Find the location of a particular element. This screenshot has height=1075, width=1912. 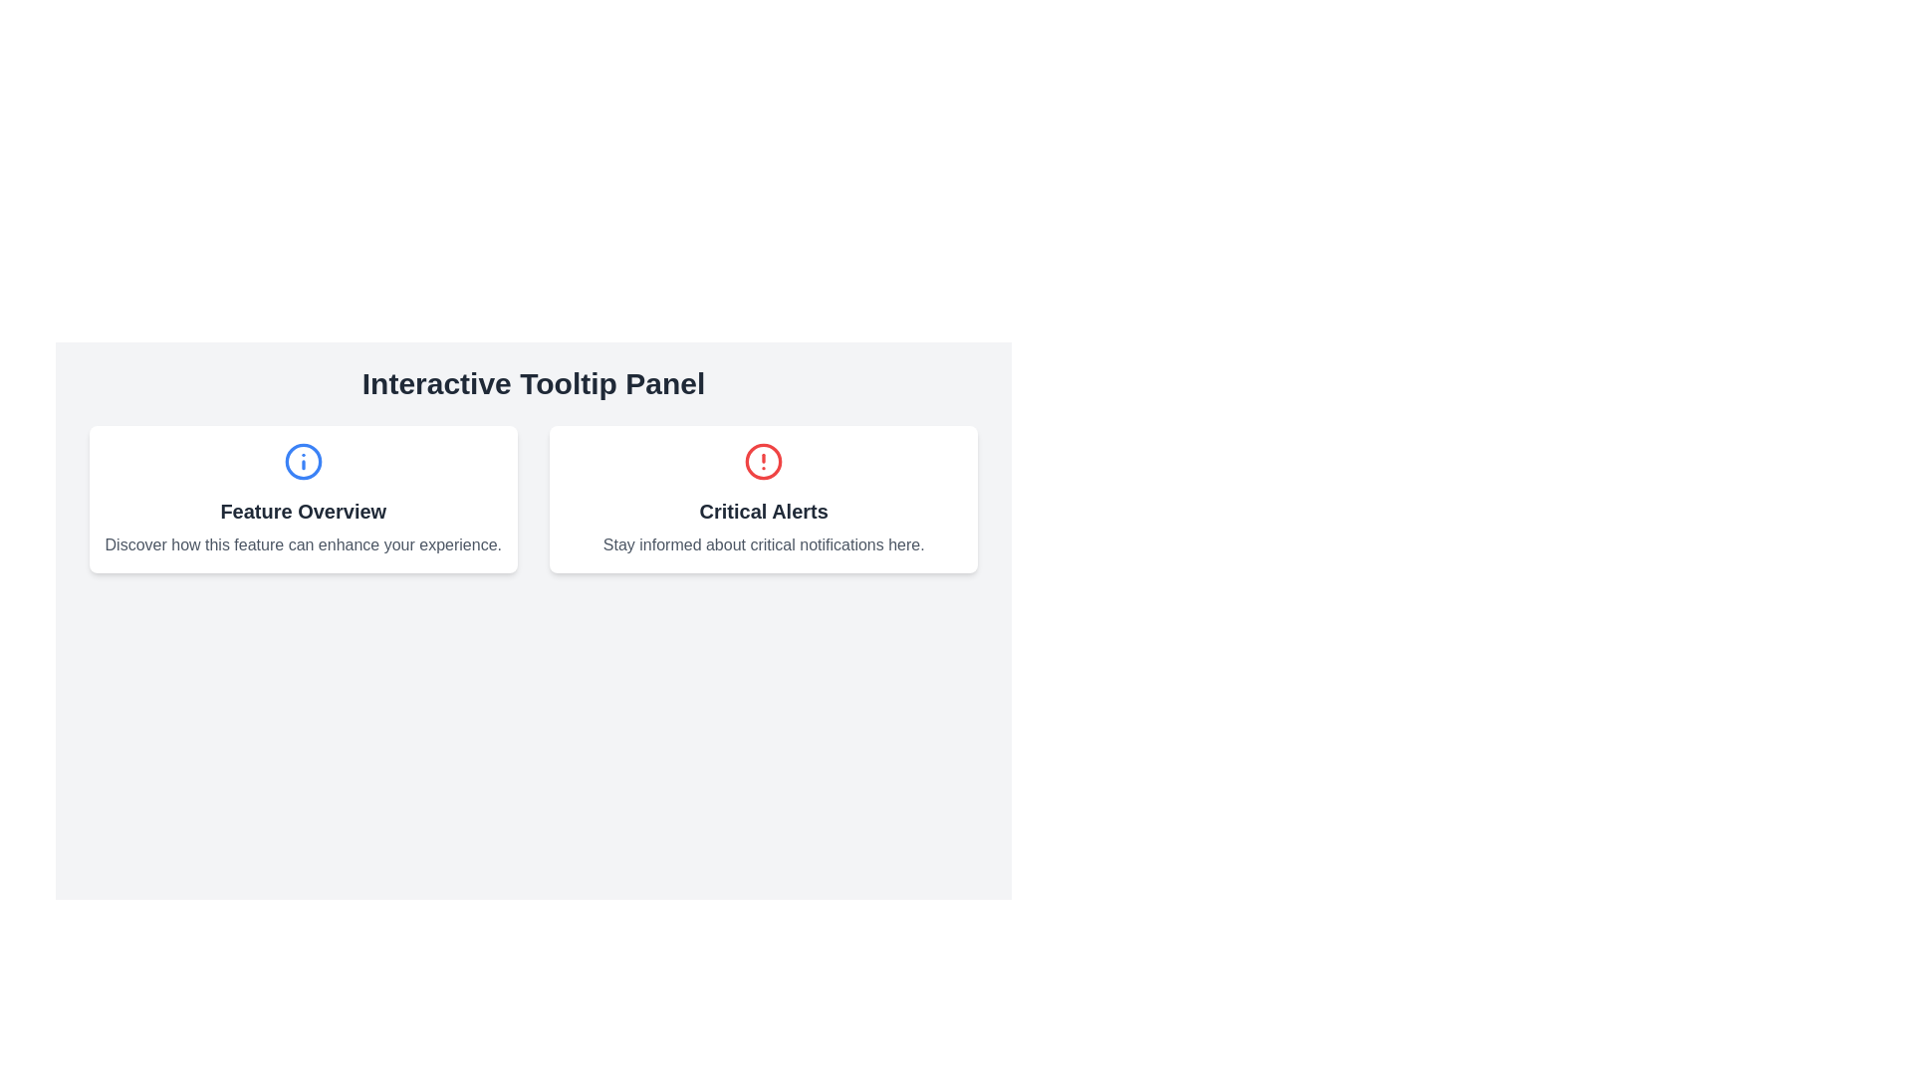

the Information Panel, which is the second panel in a two-column layout, located to the right of the 'Feature Overview' panel is located at coordinates (763, 498).